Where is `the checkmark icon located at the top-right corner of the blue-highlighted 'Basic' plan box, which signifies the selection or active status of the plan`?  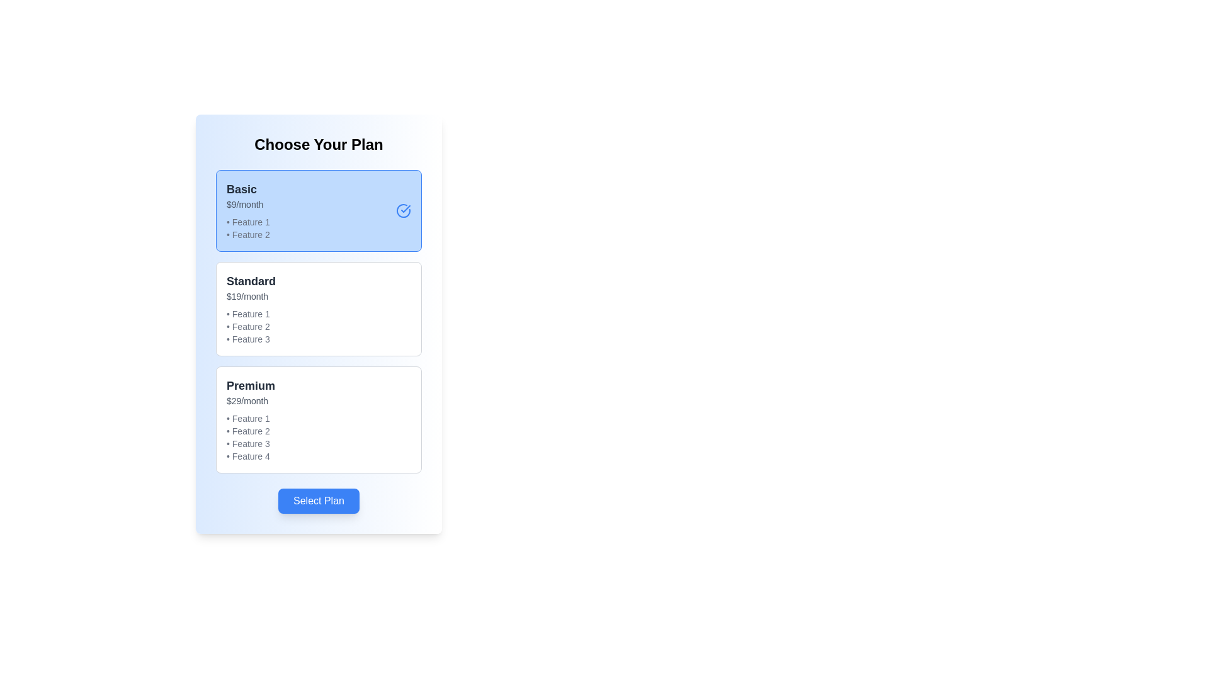
the checkmark icon located at the top-right corner of the blue-highlighted 'Basic' plan box, which signifies the selection or active status of the plan is located at coordinates (406, 208).